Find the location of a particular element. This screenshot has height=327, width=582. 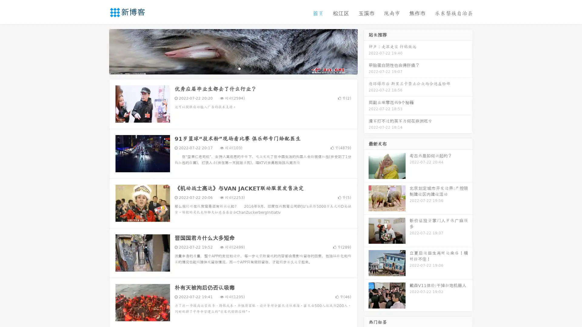

Go to slide 2 is located at coordinates (233, 68).